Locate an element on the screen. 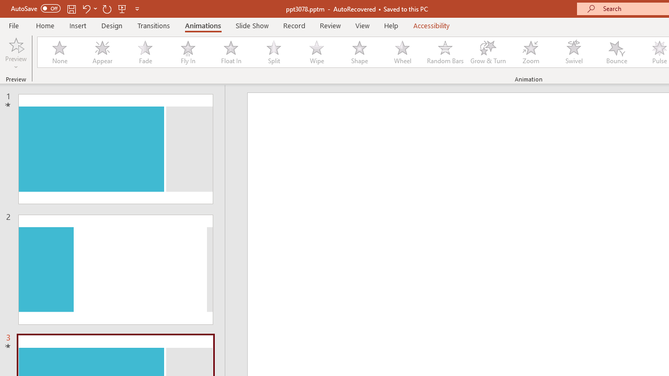  'Float In' is located at coordinates (230, 52).